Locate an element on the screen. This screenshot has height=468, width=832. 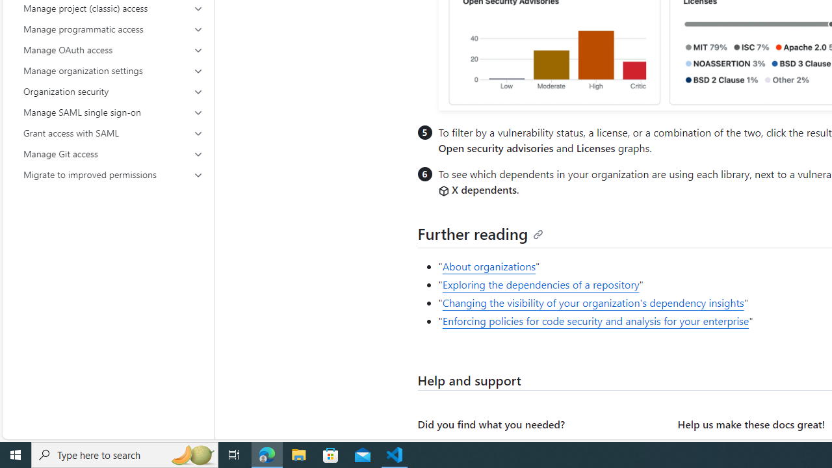
'Organization security' is located at coordinates (113, 91).